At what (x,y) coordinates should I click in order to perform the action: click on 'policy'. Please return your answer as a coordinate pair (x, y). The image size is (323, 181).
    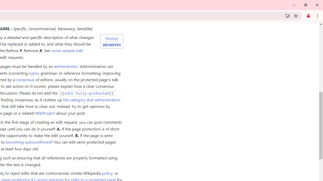
    Looking at the image, I should click on (107, 172).